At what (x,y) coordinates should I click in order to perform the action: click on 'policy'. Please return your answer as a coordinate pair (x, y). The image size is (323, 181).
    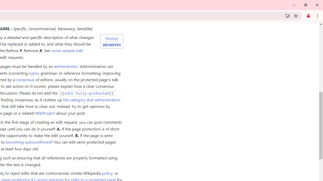
    Looking at the image, I should click on (107, 172).